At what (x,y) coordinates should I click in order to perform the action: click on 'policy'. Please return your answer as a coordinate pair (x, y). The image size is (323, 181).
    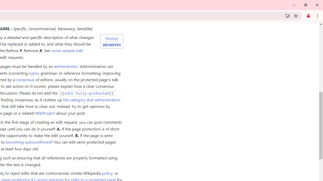
    Looking at the image, I should click on (107, 172).